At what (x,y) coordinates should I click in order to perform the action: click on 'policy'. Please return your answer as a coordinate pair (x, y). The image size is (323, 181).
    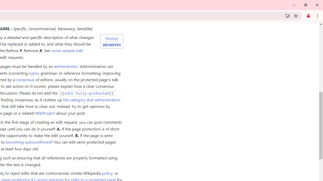
    Looking at the image, I should click on (107, 172).